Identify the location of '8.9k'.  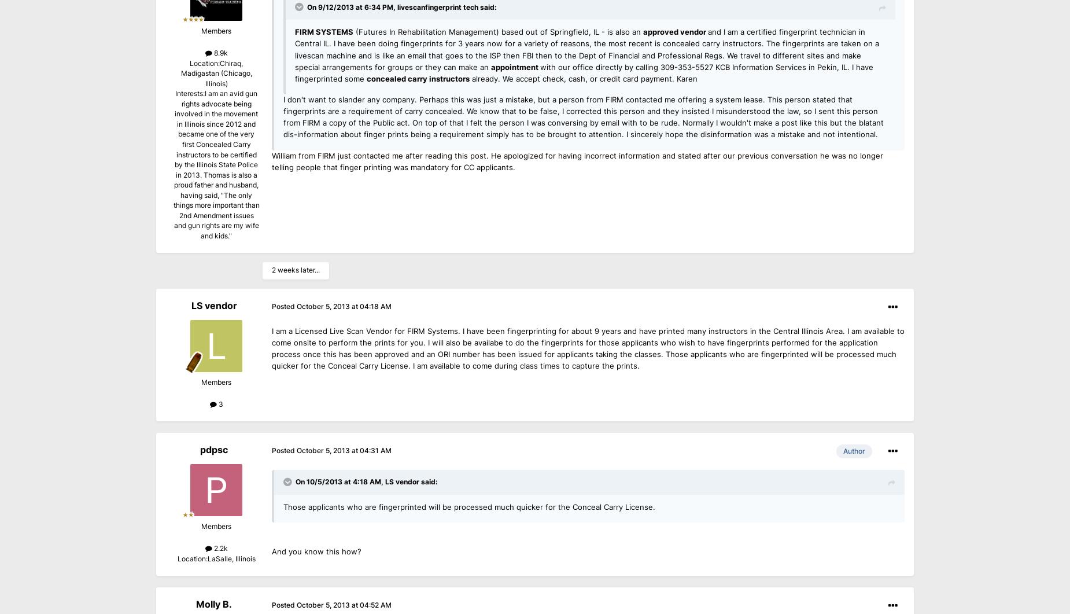
(219, 53).